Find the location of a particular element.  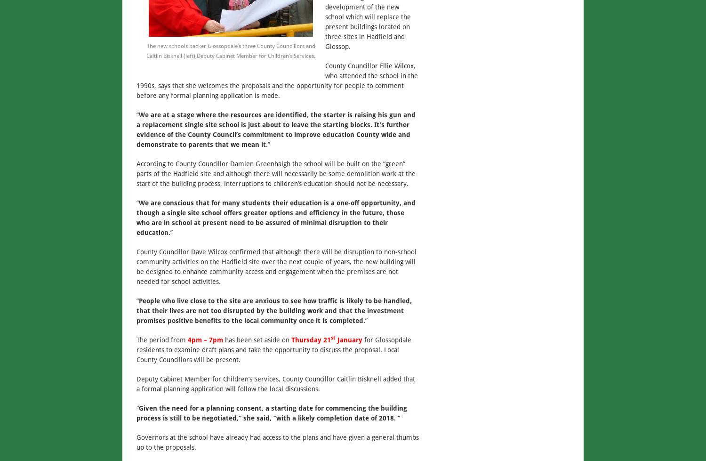

'st' is located at coordinates (333, 337).